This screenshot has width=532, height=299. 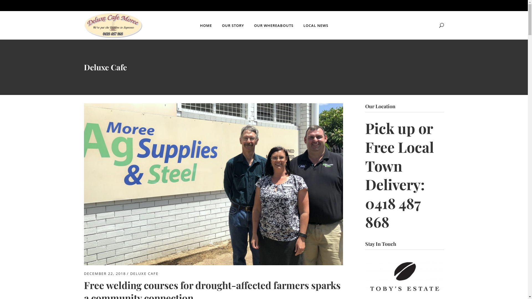 What do you see at coordinates (315, 25) in the screenshot?
I see `'LOCAL NEWS'` at bounding box center [315, 25].